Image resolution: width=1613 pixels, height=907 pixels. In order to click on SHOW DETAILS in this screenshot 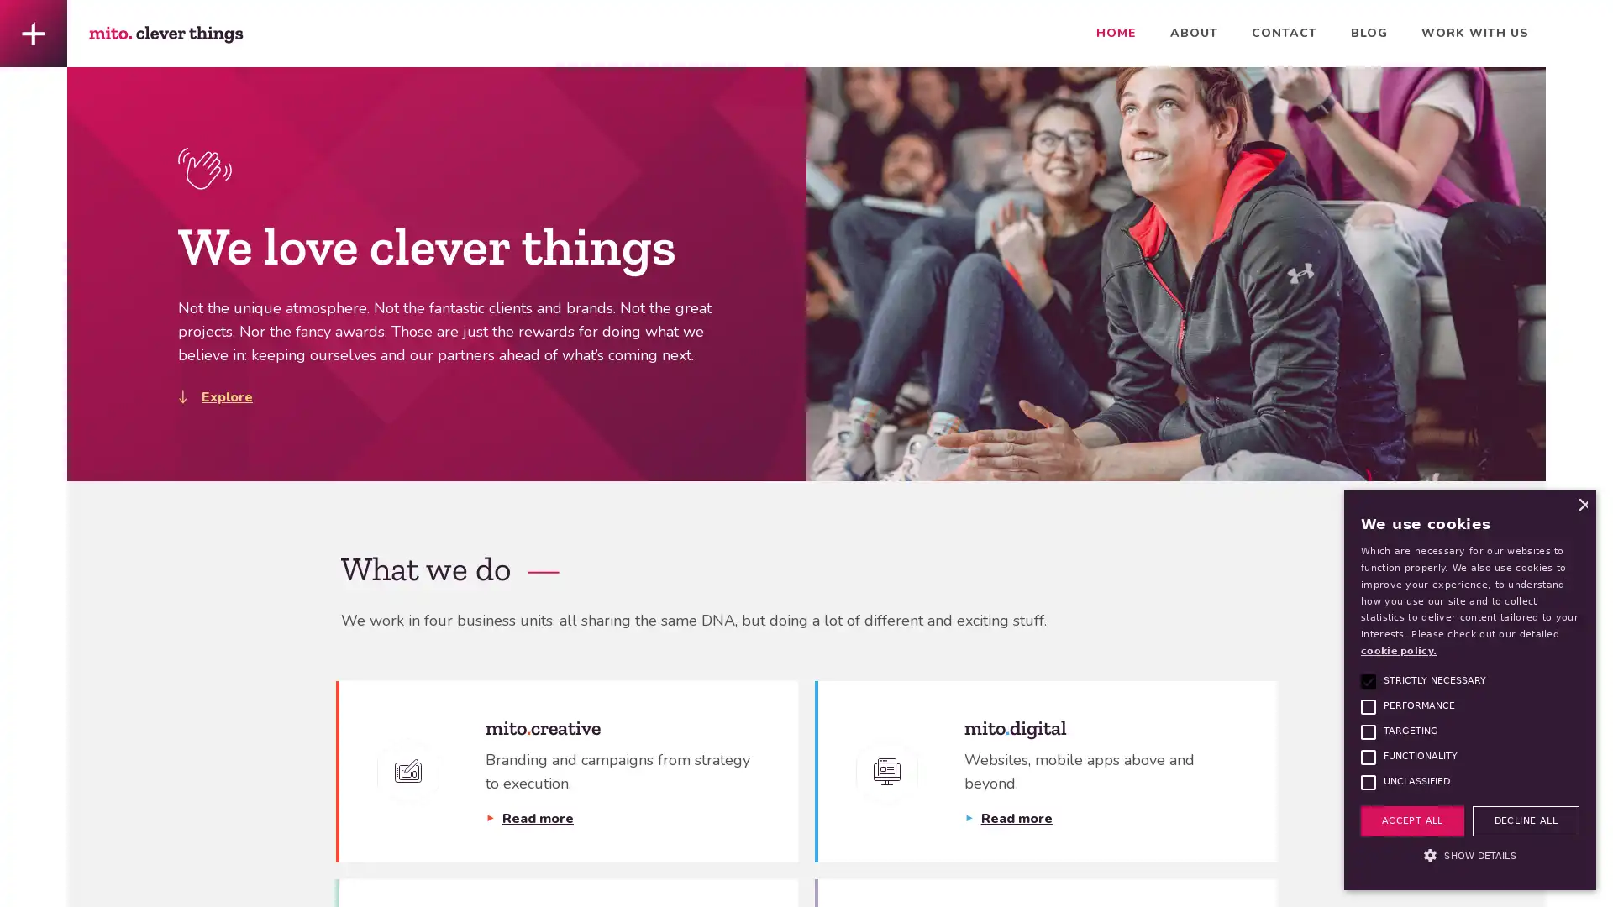, I will do `click(1469, 856)`.